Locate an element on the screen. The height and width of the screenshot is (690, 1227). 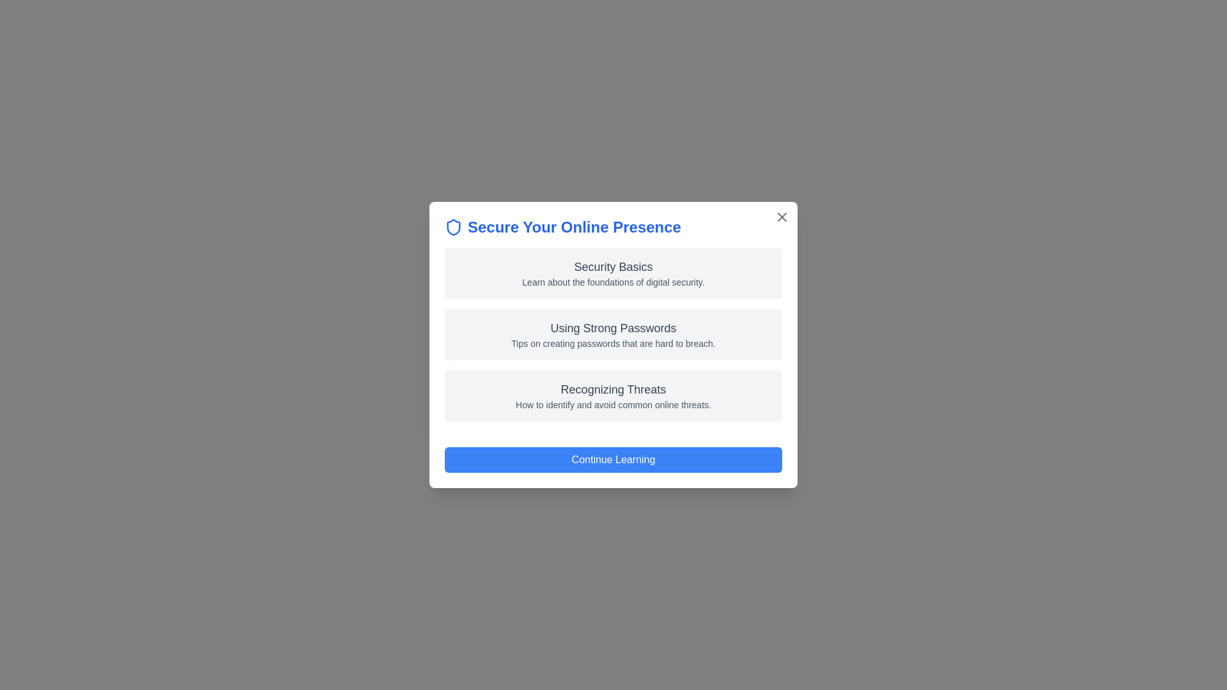
the 'Continue Learning' button to trigger the associated action is located at coordinates (613, 460).